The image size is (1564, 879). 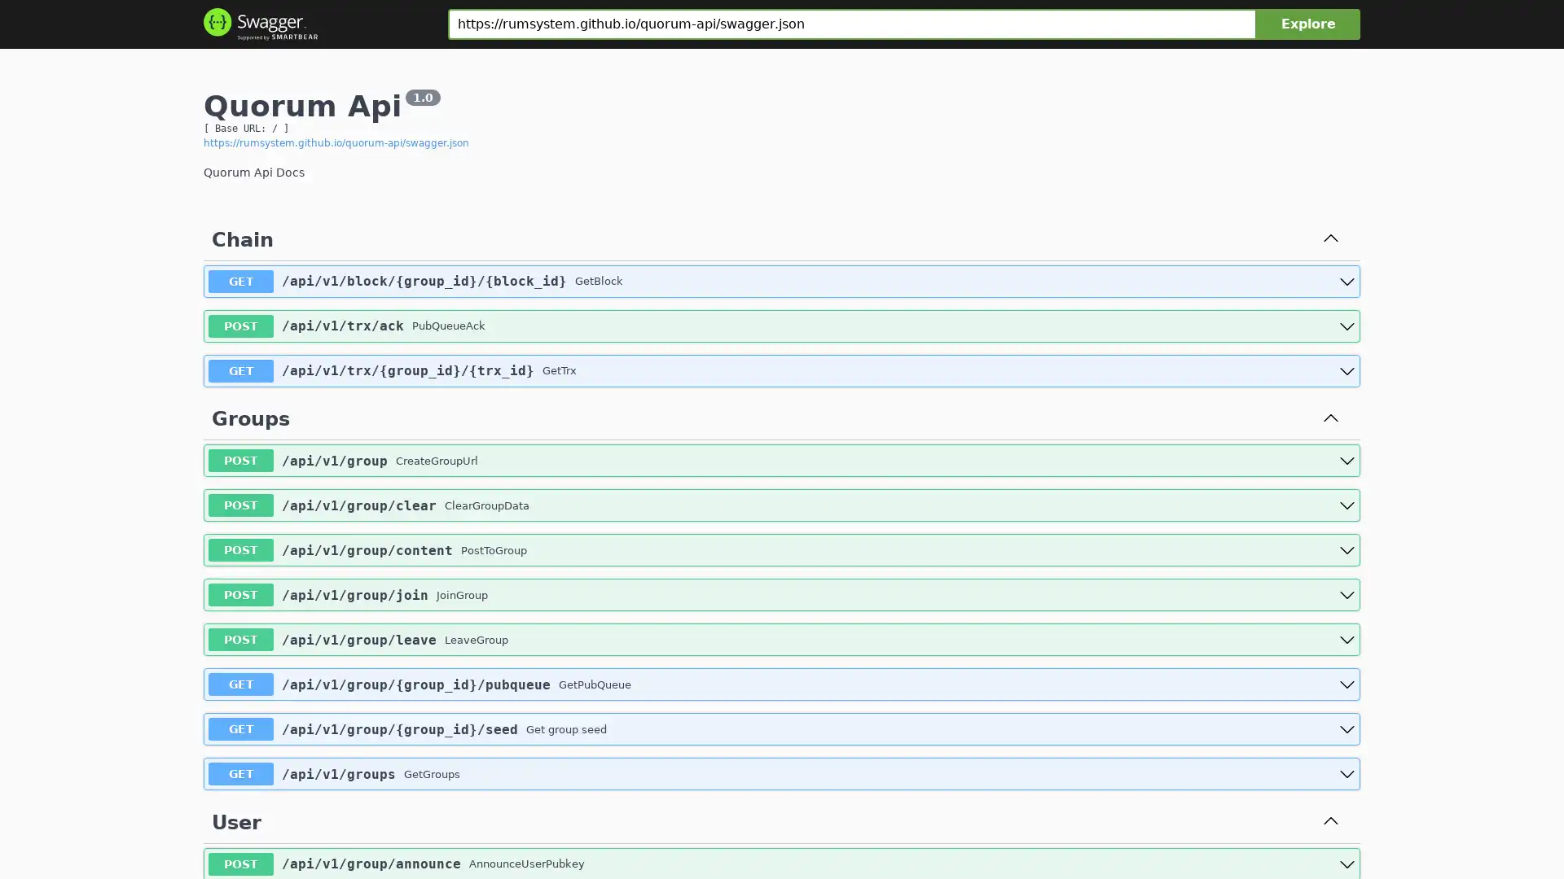 What do you see at coordinates (782, 773) in the screenshot?
I see `get /api/v1/groups` at bounding box center [782, 773].